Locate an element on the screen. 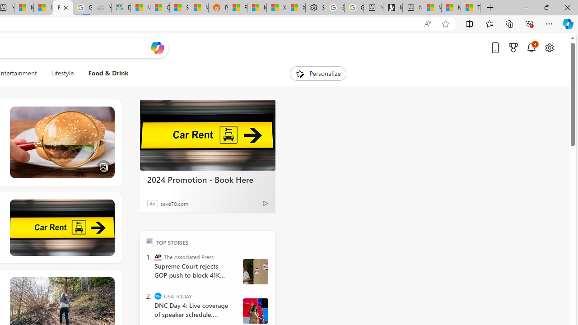 This screenshot has width=578, height=325. '14 Common Myths Debunked By Scientific Facts' is located at coordinates (43, 8).